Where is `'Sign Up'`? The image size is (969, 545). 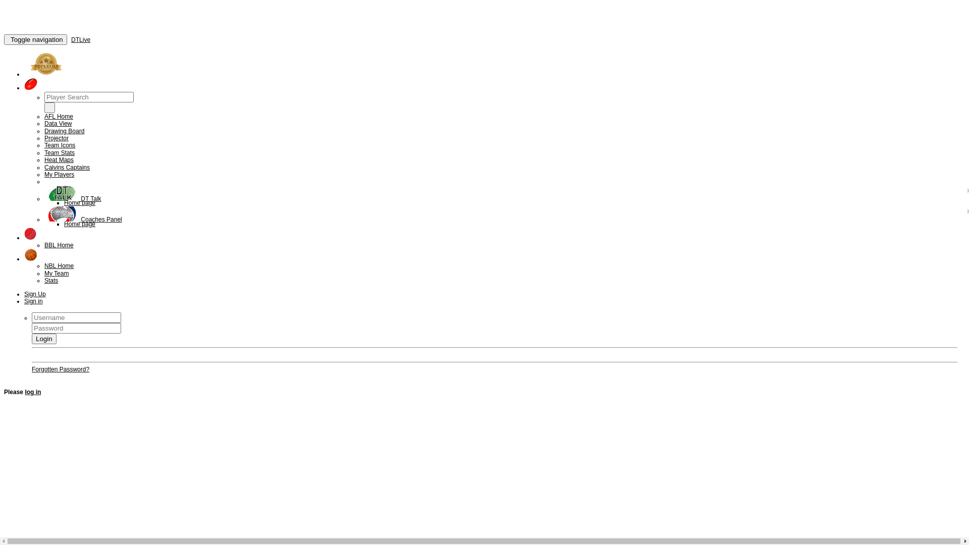 'Sign Up' is located at coordinates (35, 294).